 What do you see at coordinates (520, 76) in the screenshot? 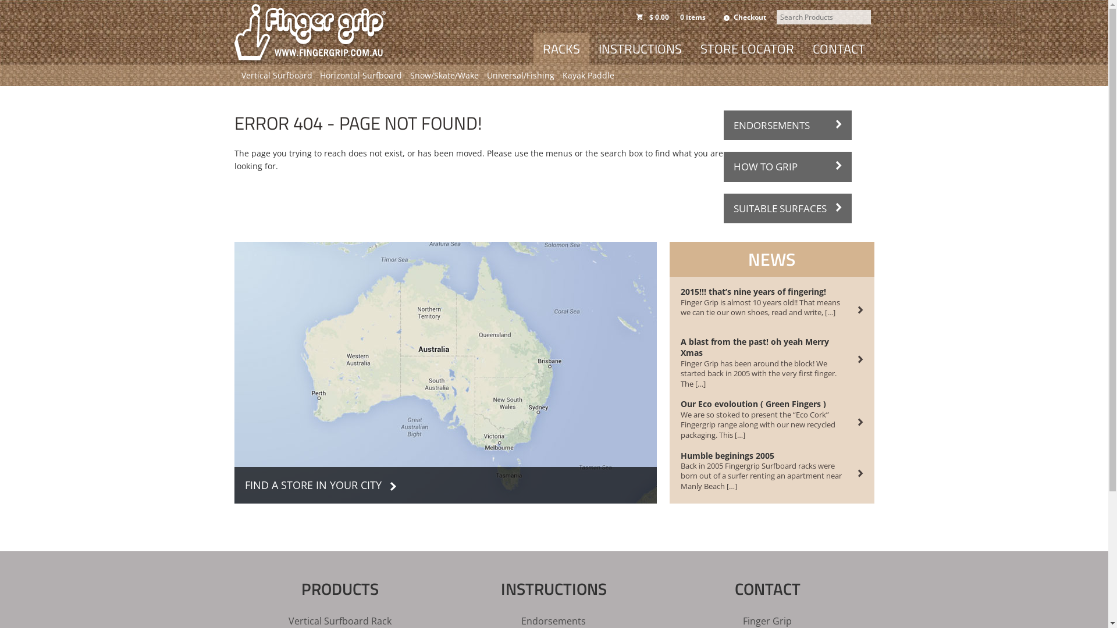
I see `'Universal/Fishing'` at bounding box center [520, 76].